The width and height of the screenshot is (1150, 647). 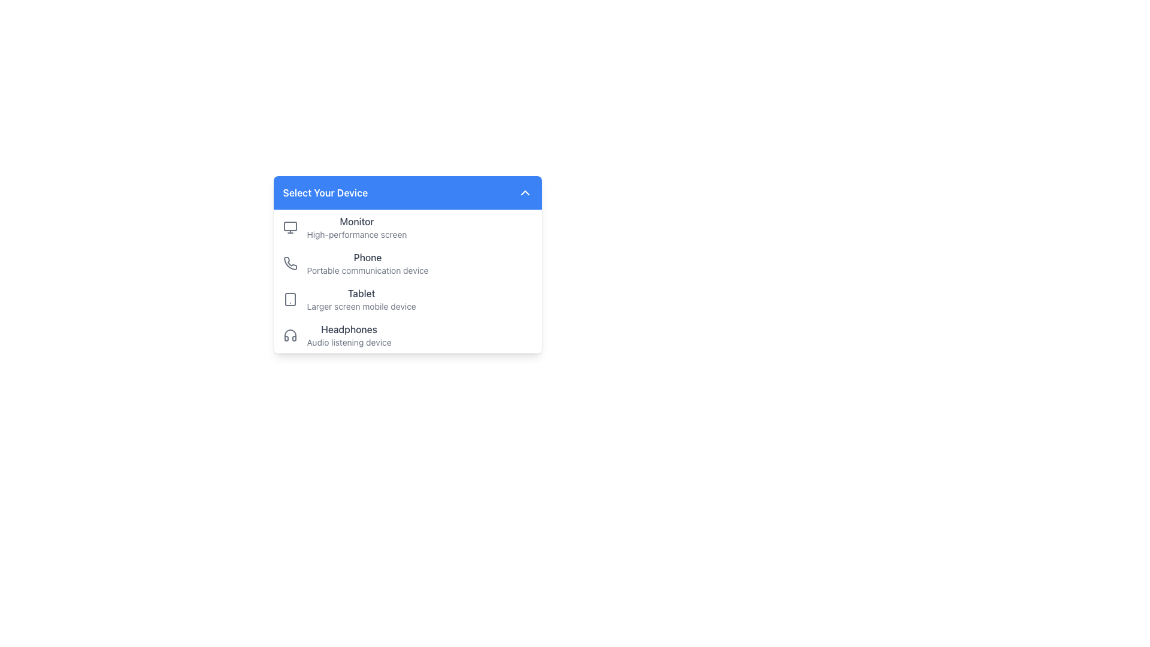 What do you see at coordinates (290, 262) in the screenshot?
I see `the phone icon which represents the 'Phone' option in the 'Select Your Device' section, located second in the list` at bounding box center [290, 262].